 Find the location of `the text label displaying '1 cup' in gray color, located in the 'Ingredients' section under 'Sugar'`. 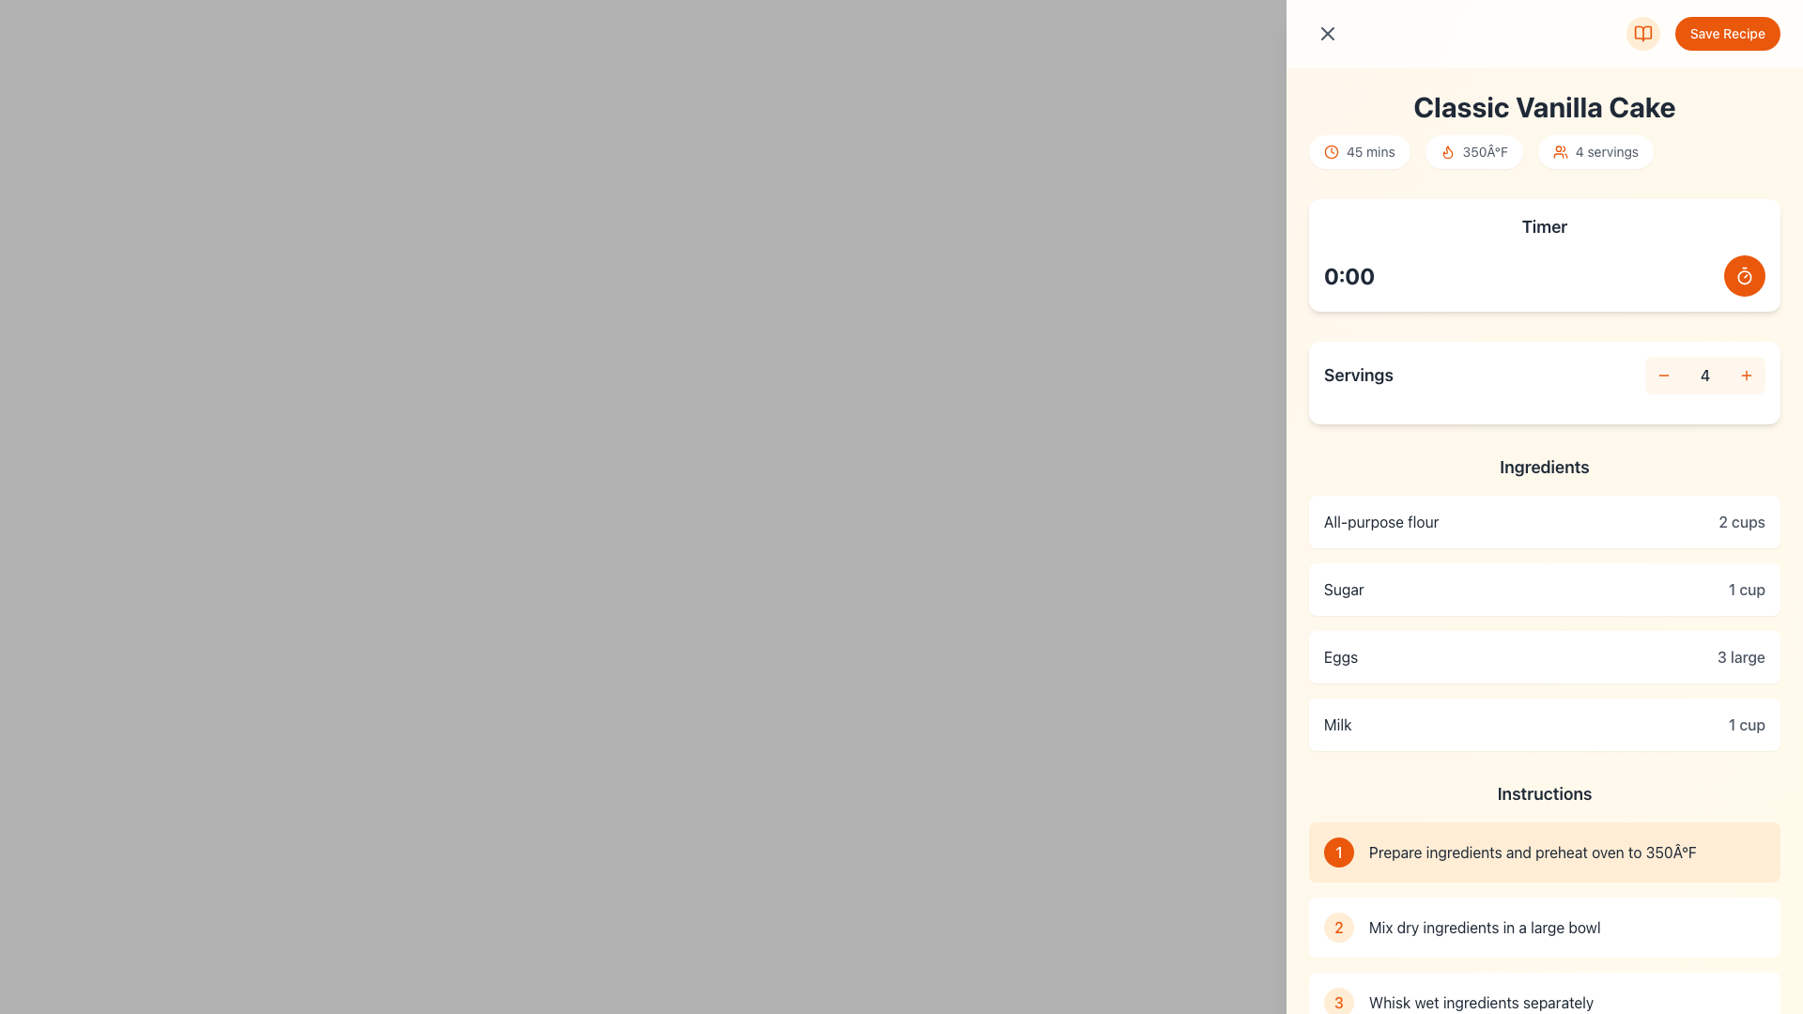

the text label displaying '1 cup' in gray color, located in the 'Ingredients' section under 'Sugar' is located at coordinates (1746, 589).